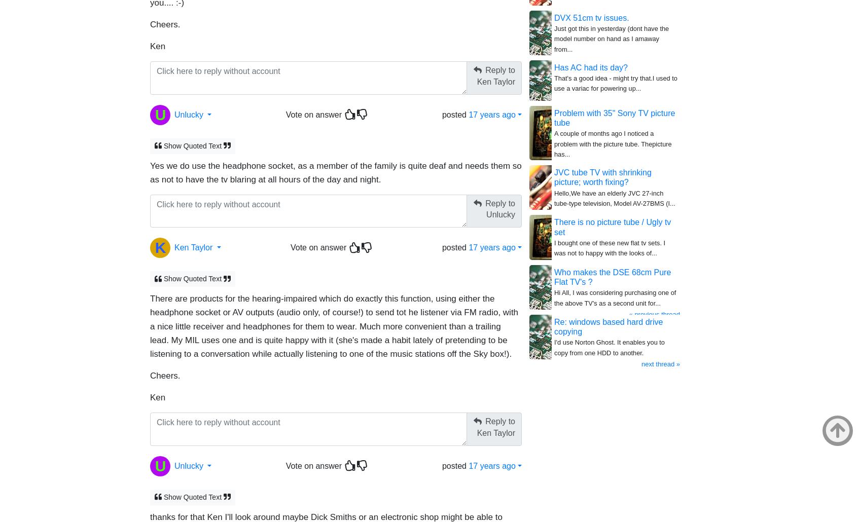 Image resolution: width=858 pixels, height=522 pixels. Describe the element at coordinates (149, 325) in the screenshot. I see `'There are products for the hearing-impaired which do exactly this  function, using either the headphone socket or AV outputs (audio only,  of course!) to send tot he listener via FM radio, with a nice little  receiver and headphones for them to wear. Much more convenient than a  trailing lead. My MIL uses one and is quite happy with it (she's made a  habit lately of pretending to be listening to a conversation while  actually listening to one of the music stations off the Sky box!).'` at that location.